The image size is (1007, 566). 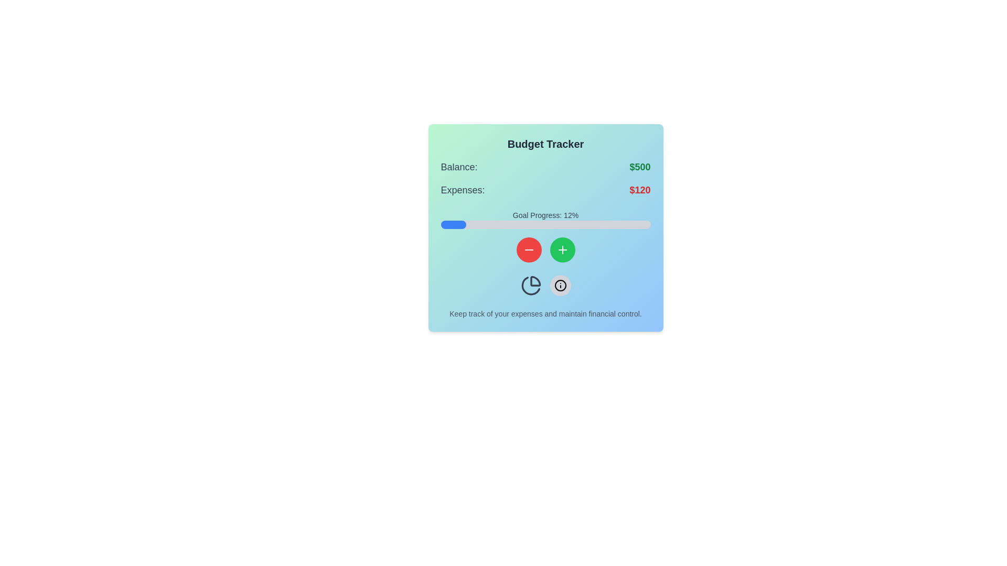 I want to click on the icon representing a pie chart in the budget tracker interface, so click(x=531, y=285).